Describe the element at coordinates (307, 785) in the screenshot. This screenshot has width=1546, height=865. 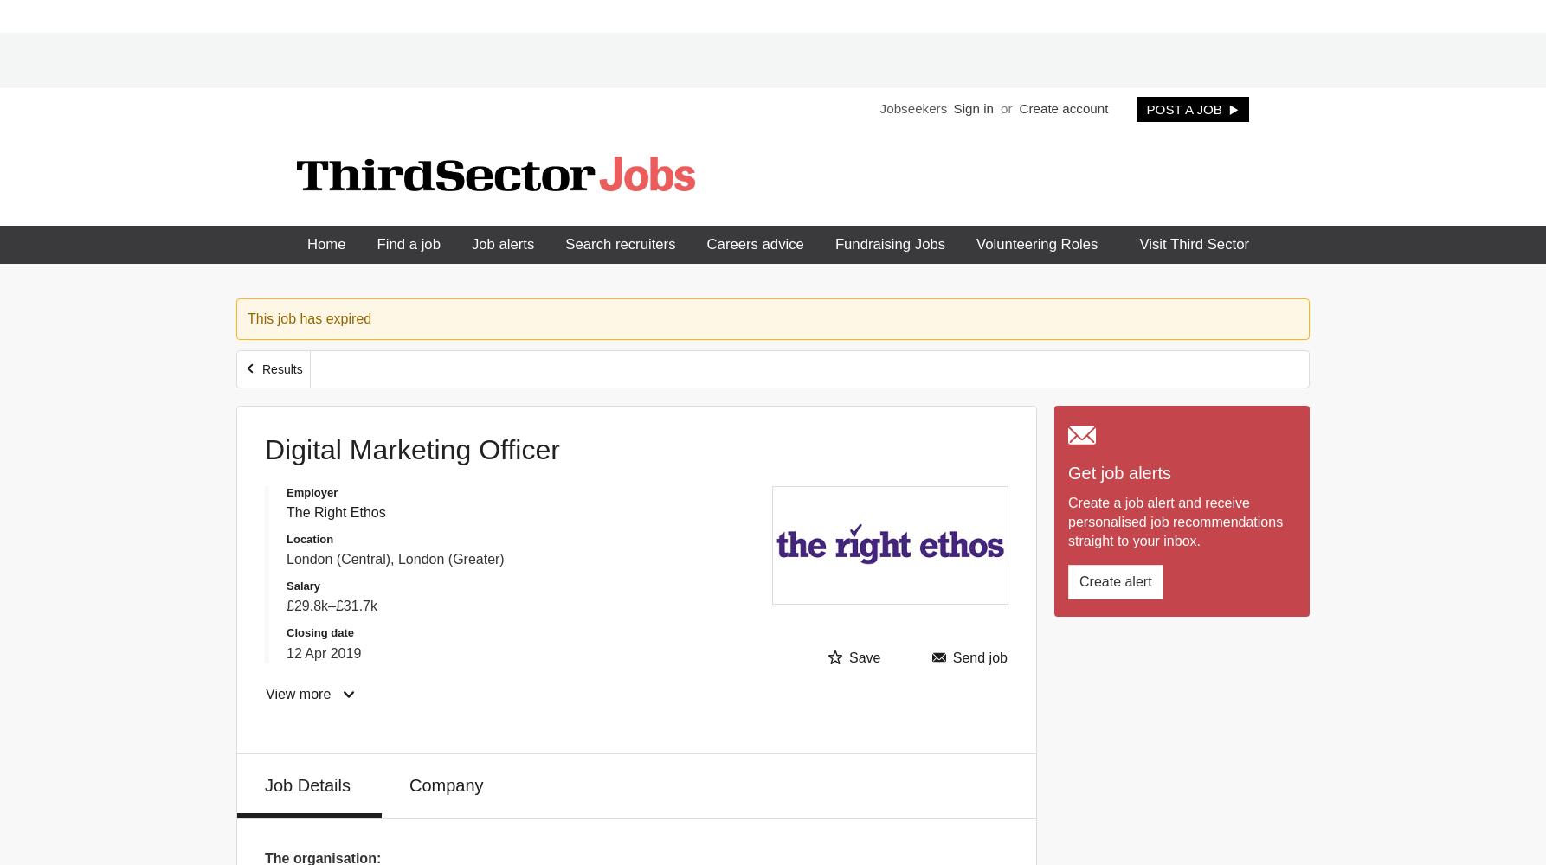
I see `'Job Details'` at that location.